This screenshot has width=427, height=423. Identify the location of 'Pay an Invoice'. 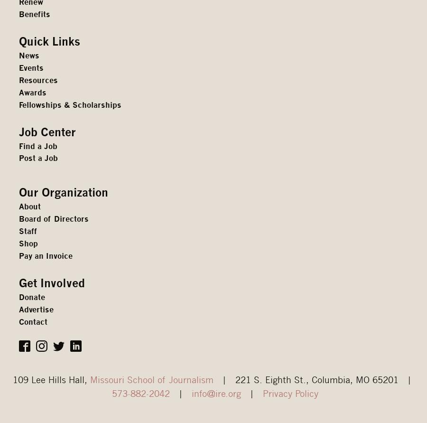
(45, 256).